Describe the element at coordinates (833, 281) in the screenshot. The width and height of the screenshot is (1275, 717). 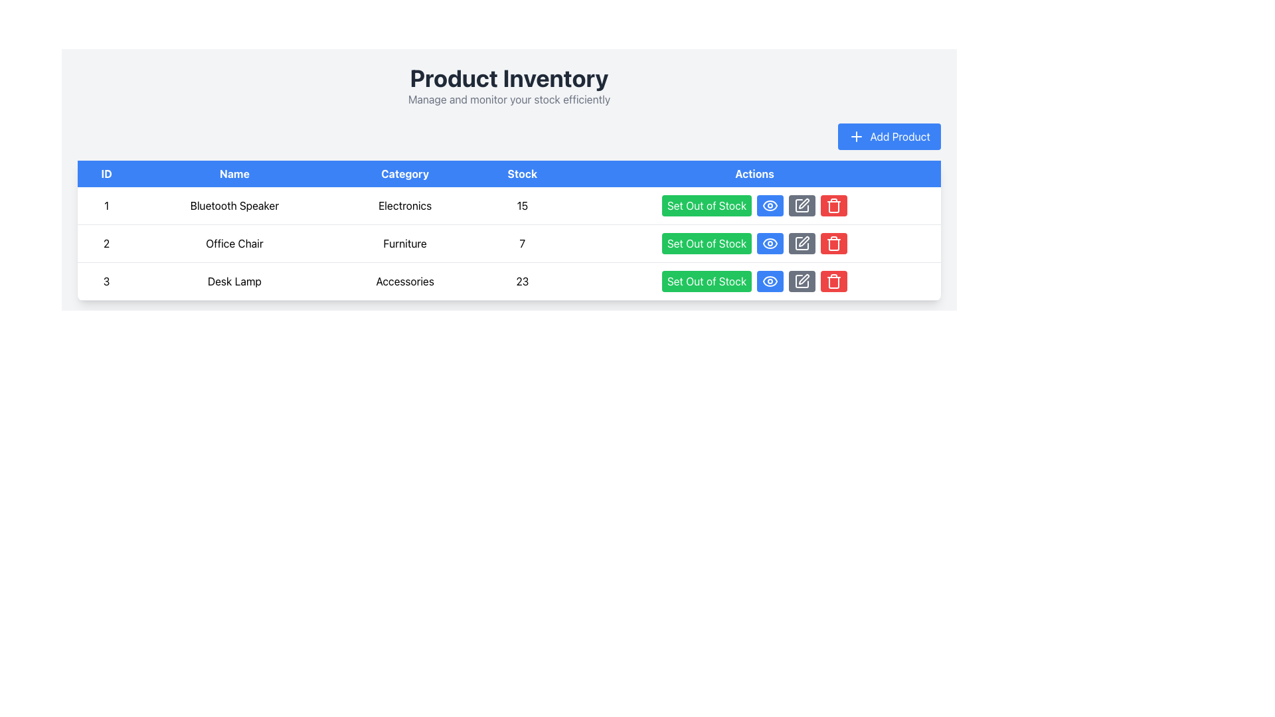
I see `the Trash icon button located in the third row of the Actions column` at that location.